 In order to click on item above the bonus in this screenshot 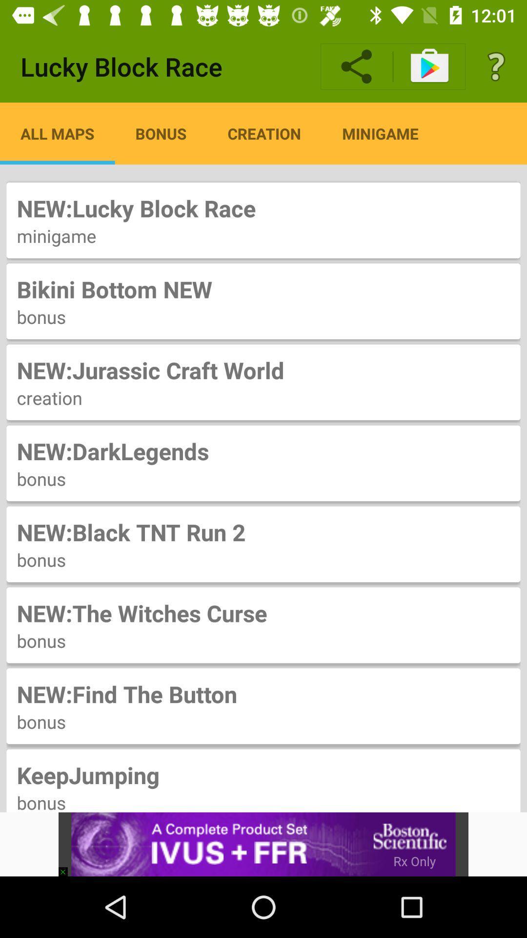, I will do `click(263, 289)`.